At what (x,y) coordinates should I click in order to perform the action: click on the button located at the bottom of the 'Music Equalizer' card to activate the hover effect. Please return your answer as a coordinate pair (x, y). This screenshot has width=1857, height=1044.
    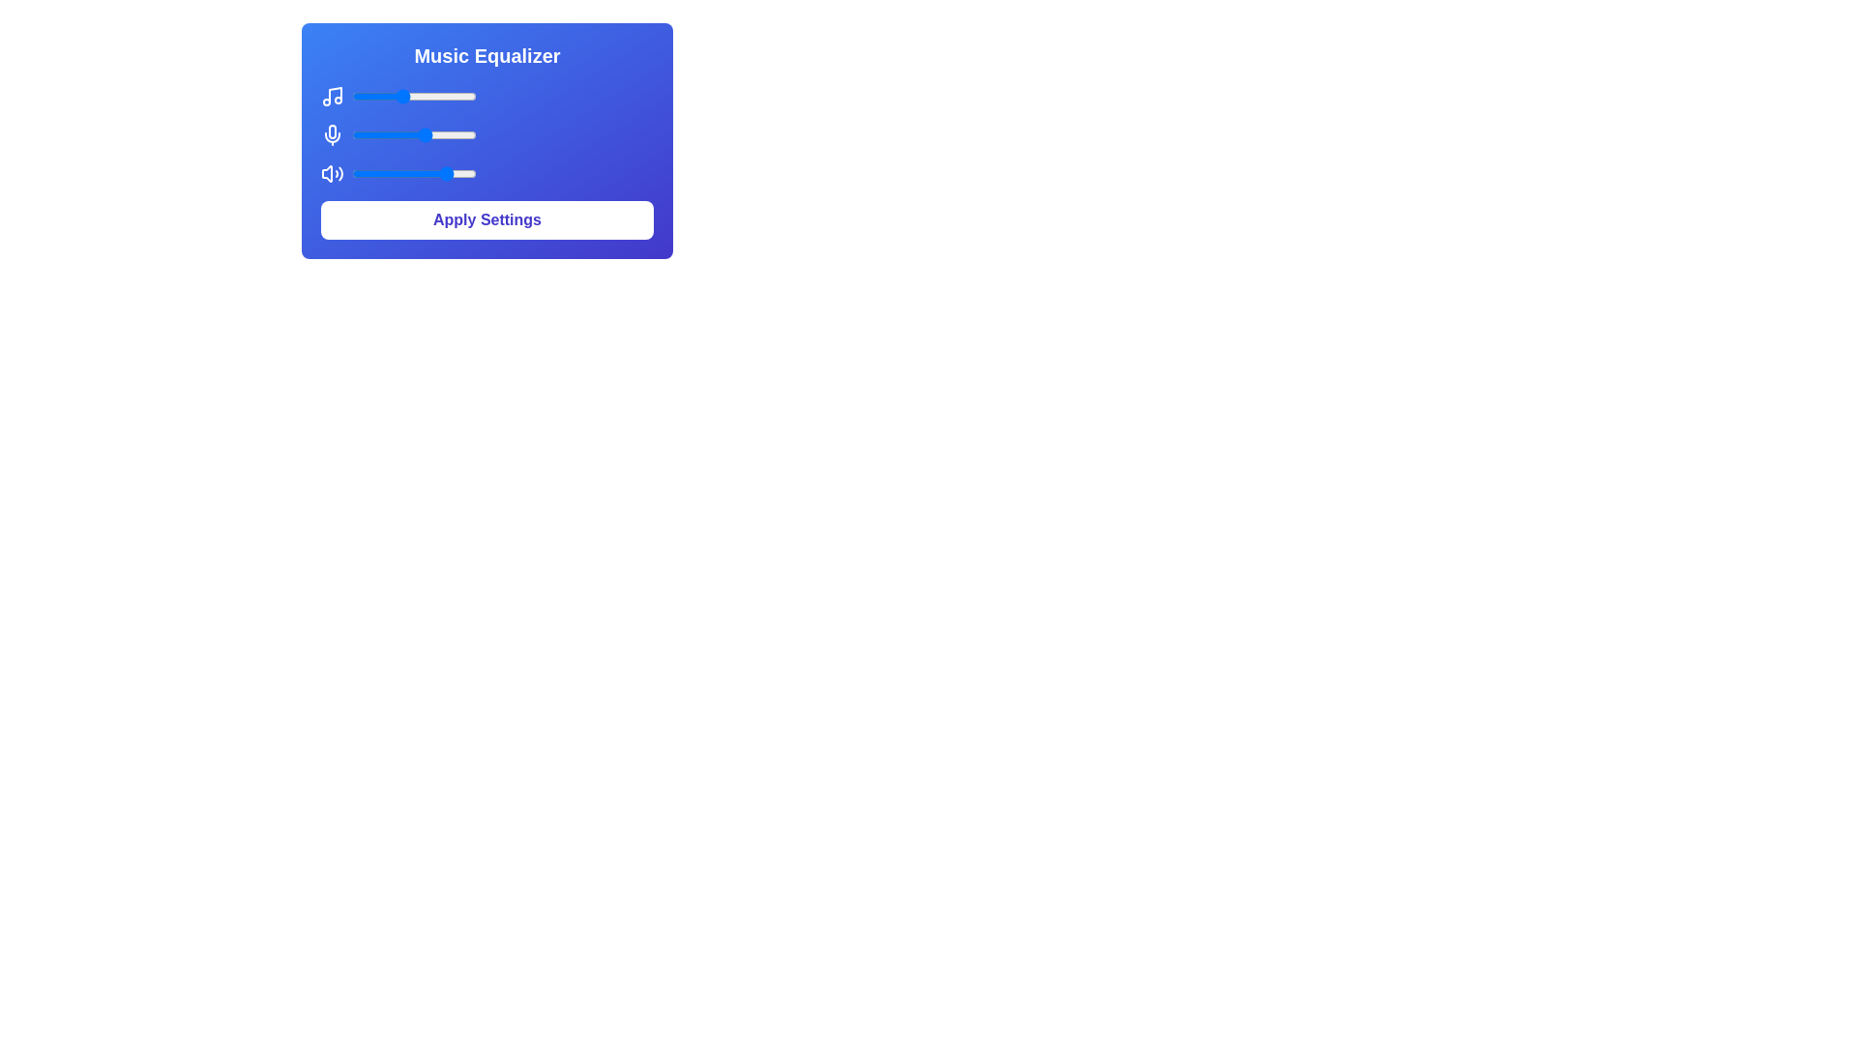
    Looking at the image, I should click on (487, 218).